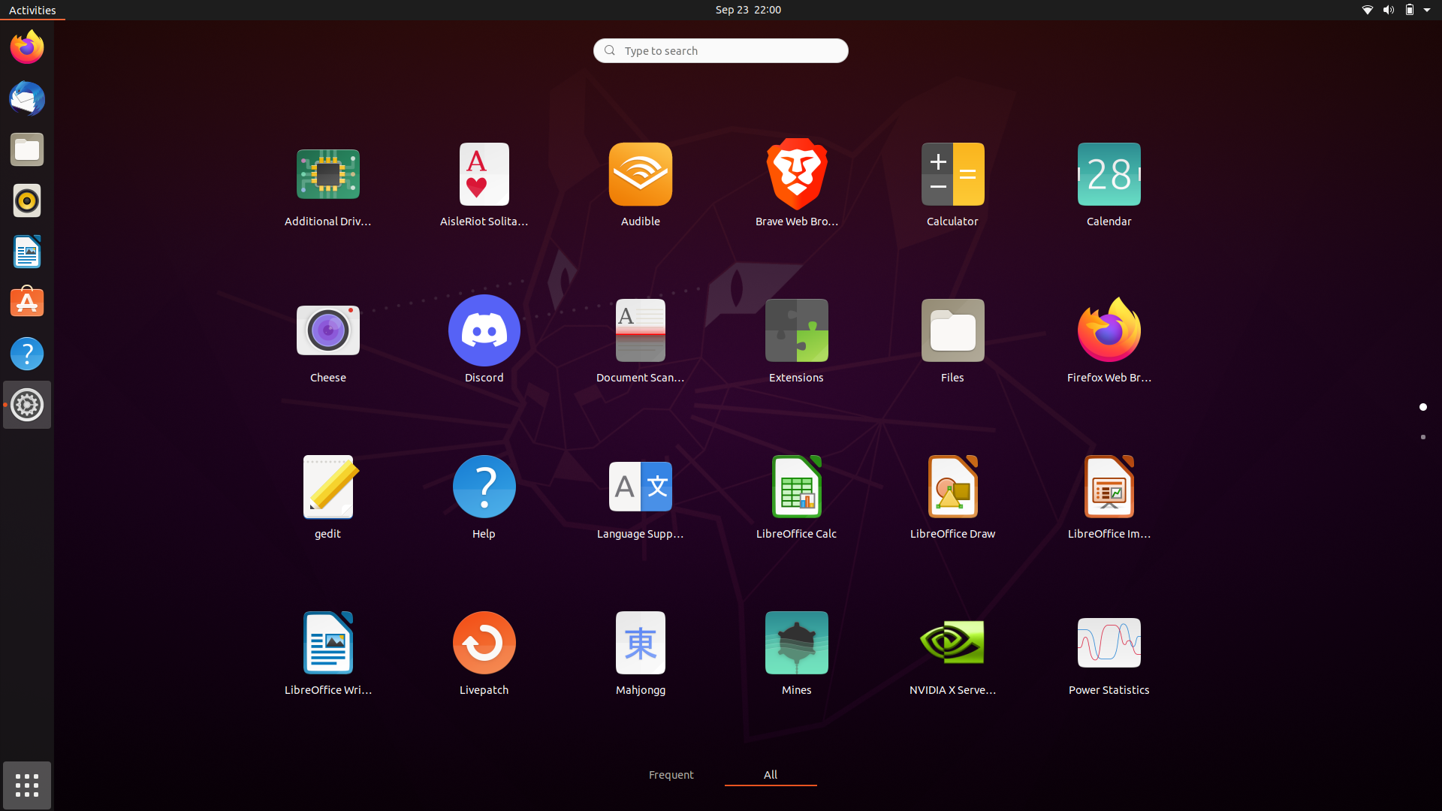 This screenshot has height=811, width=1442. What do you see at coordinates (719, 49) in the screenshot?
I see `Lookup for "Movies" using the search function` at bounding box center [719, 49].